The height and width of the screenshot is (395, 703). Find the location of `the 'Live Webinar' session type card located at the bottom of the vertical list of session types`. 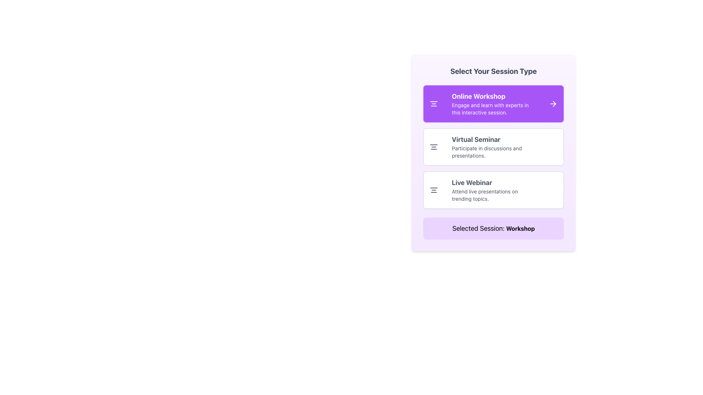

the 'Live Webinar' session type card located at the bottom of the vertical list of session types is located at coordinates (494, 190).